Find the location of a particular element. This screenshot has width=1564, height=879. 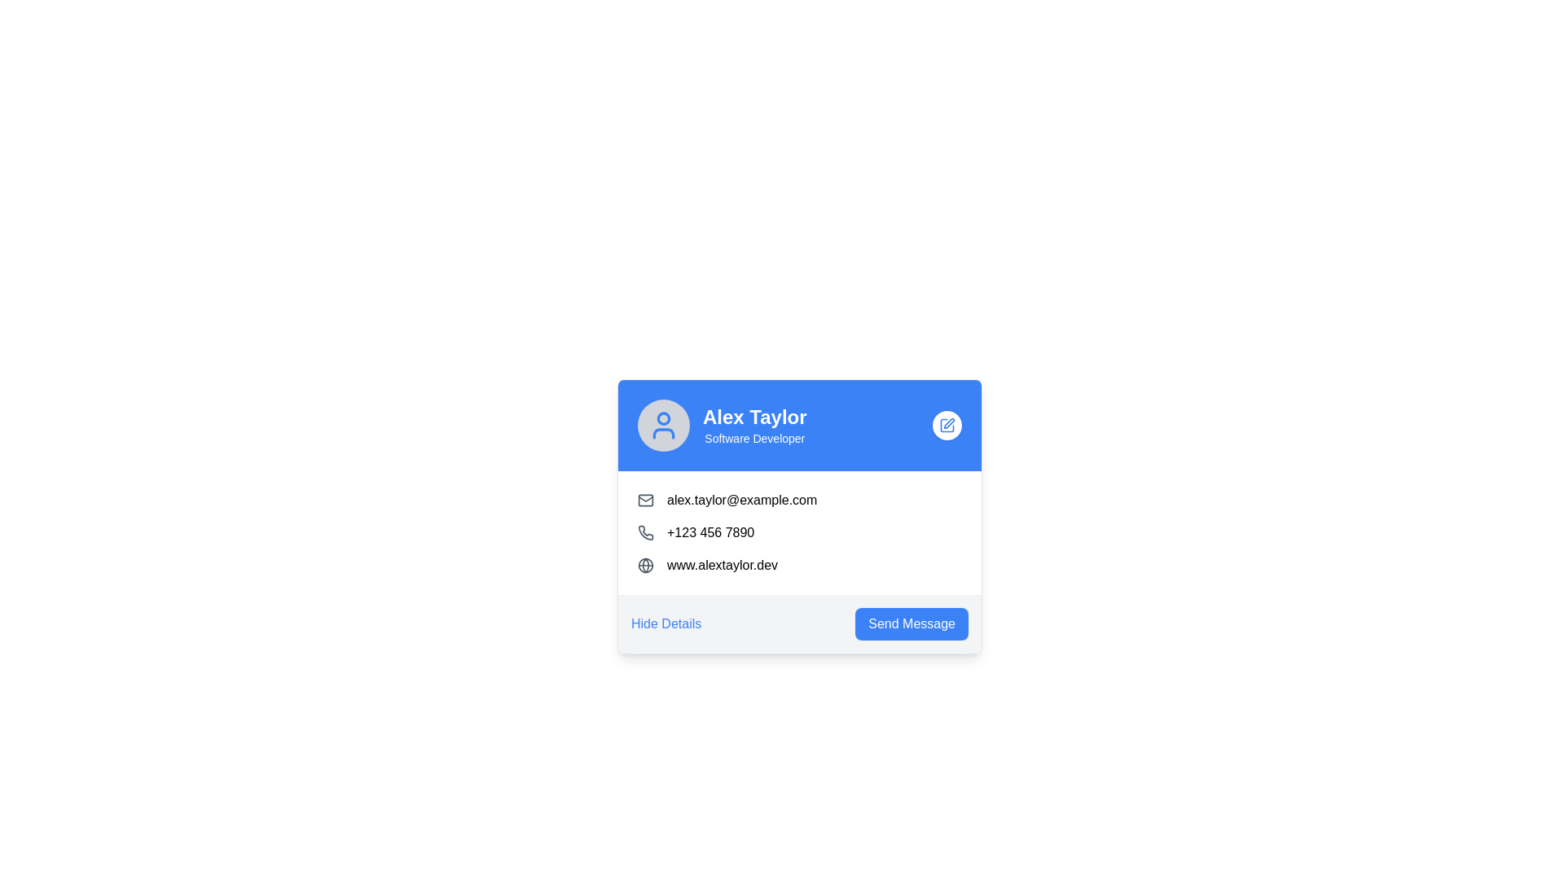

the fifth and rightmost textual link or label that serves as a hyperlink for a personal or professional website, located right-aligned after the globe icon is located at coordinates (722, 564).